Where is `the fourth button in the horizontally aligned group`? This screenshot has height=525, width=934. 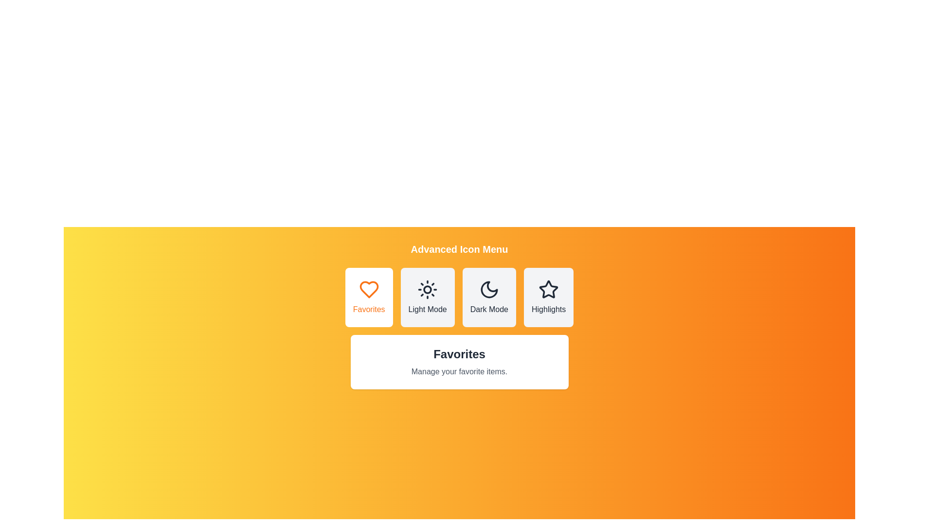
the fourth button in the horizontally aligned group is located at coordinates (549, 297).